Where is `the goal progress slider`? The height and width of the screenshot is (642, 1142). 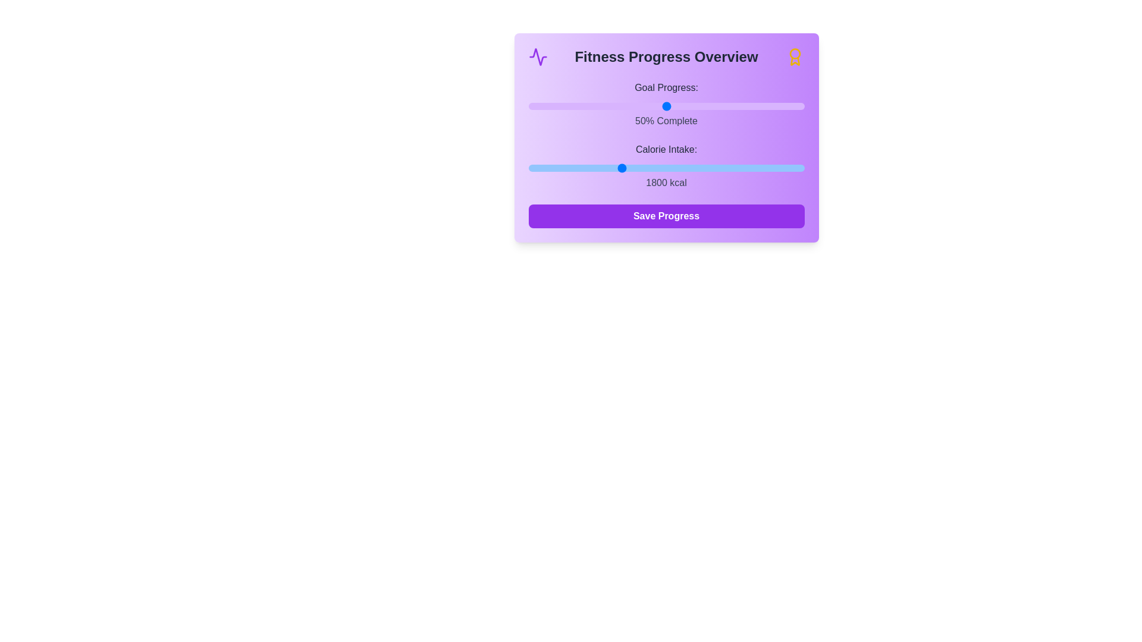
the goal progress slider is located at coordinates (785, 105).